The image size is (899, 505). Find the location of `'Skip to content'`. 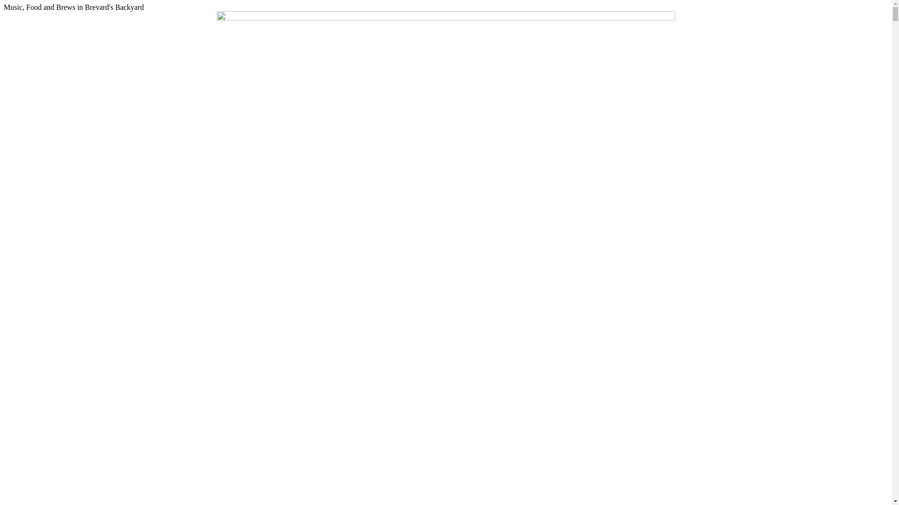

'Skip to content' is located at coordinates (3, 3).